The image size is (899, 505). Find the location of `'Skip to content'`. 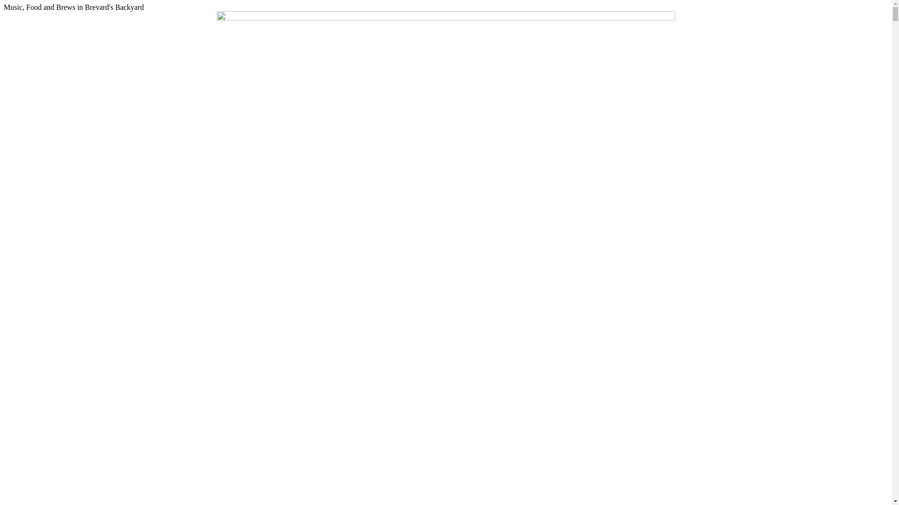

'Skip to content' is located at coordinates (3, 3).